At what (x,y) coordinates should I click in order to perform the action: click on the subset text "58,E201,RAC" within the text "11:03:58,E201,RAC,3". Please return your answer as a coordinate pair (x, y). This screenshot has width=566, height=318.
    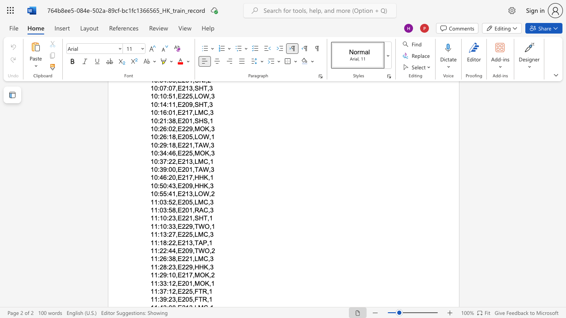
    Looking at the image, I should click on (168, 210).